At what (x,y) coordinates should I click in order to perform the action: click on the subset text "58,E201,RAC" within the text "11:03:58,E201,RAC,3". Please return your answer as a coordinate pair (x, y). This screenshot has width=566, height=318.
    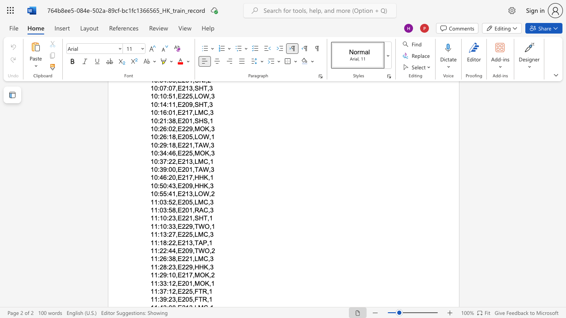
    Looking at the image, I should click on (168, 210).